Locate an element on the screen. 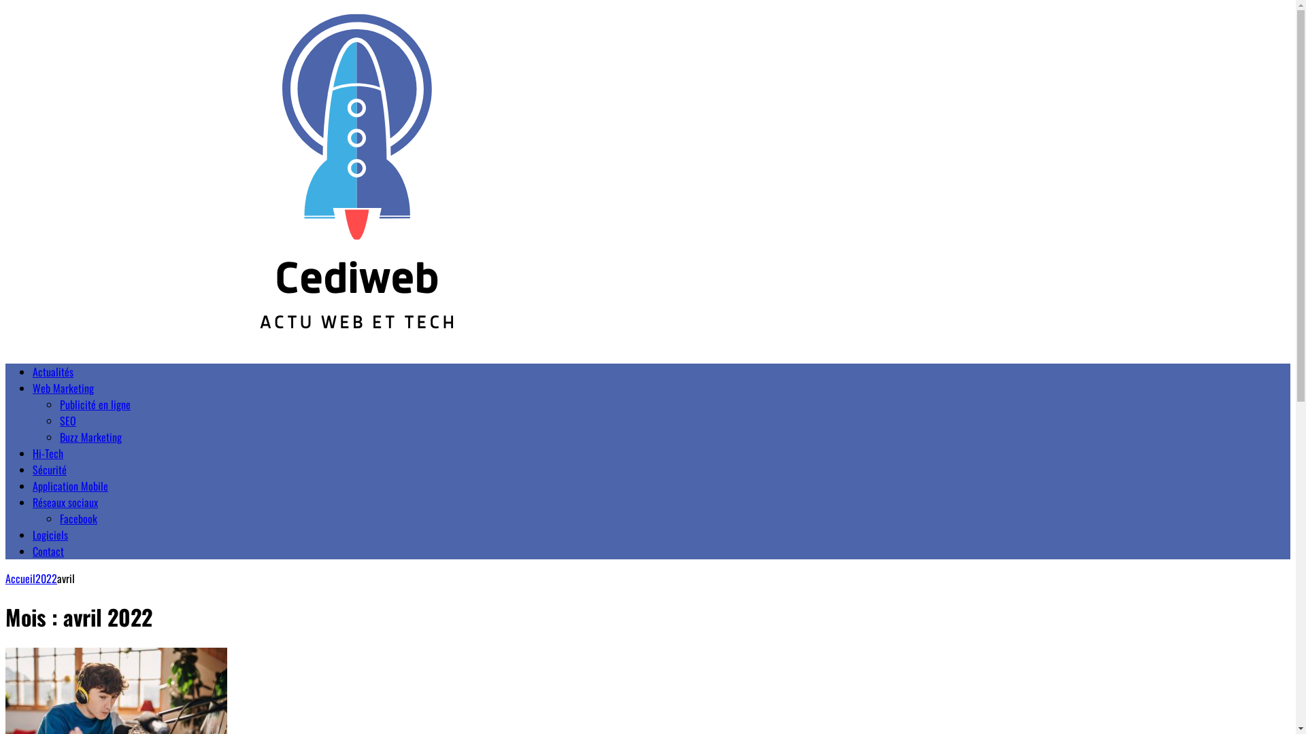 The image size is (1306, 734). 'Hi-Tech' is located at coordinates (33, 453).